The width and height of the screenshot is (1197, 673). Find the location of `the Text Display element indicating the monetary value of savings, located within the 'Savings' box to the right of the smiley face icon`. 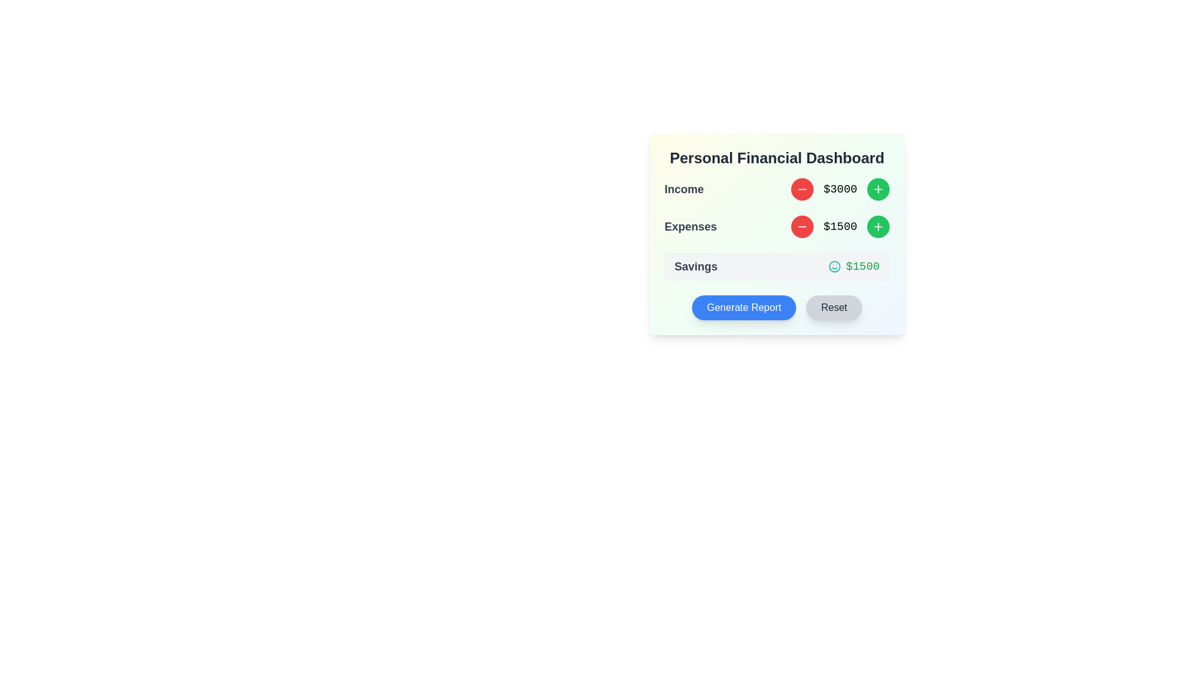

the Text Display element indicating the monetary value of savings, located within the 'Savings' box to the right of the smiley face icon is located at coordinates (853, 266).